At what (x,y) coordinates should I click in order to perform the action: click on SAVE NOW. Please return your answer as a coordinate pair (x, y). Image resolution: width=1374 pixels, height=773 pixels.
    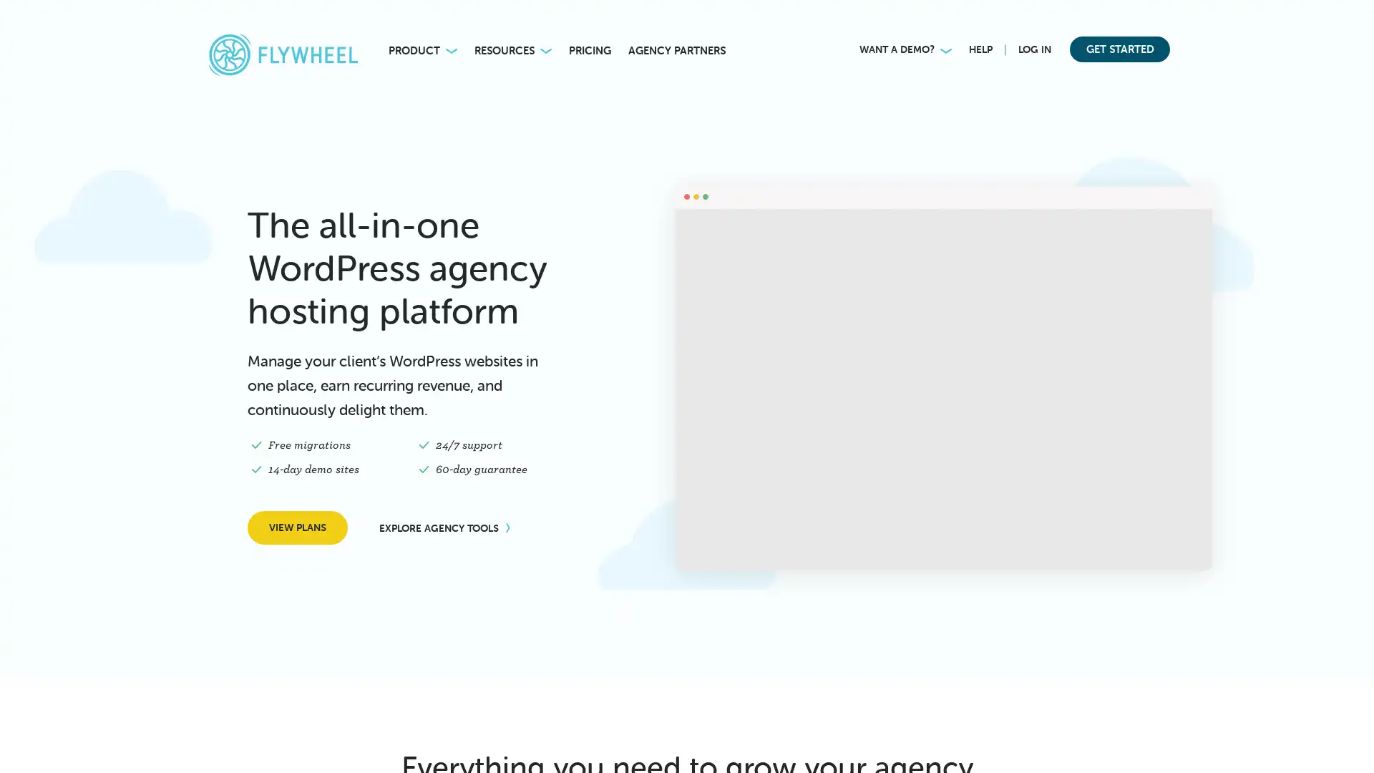
    Looking at the image, I should click on (963, 21).